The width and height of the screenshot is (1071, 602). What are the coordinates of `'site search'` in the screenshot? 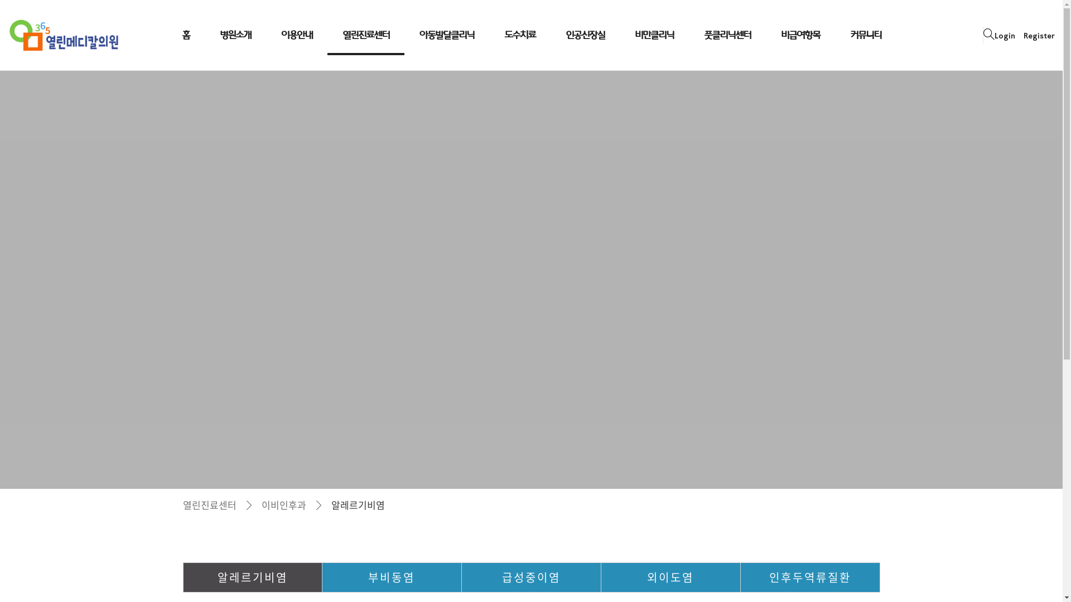 It's located at (988, 33).